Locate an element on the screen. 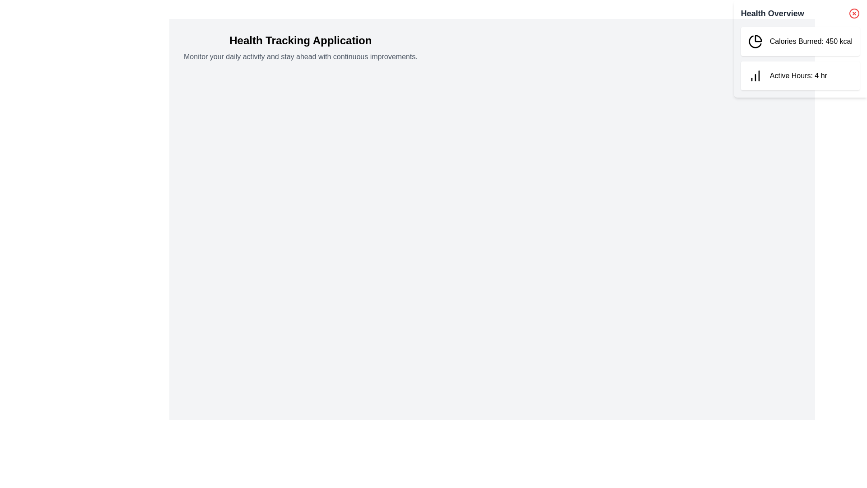 The image size is (867, 488). the 'Active Hours' icon located in the 'Health Overview' panel, positioned to the left of the text 'Active Hours: 4 hr' is located at coordinates (755, 75).